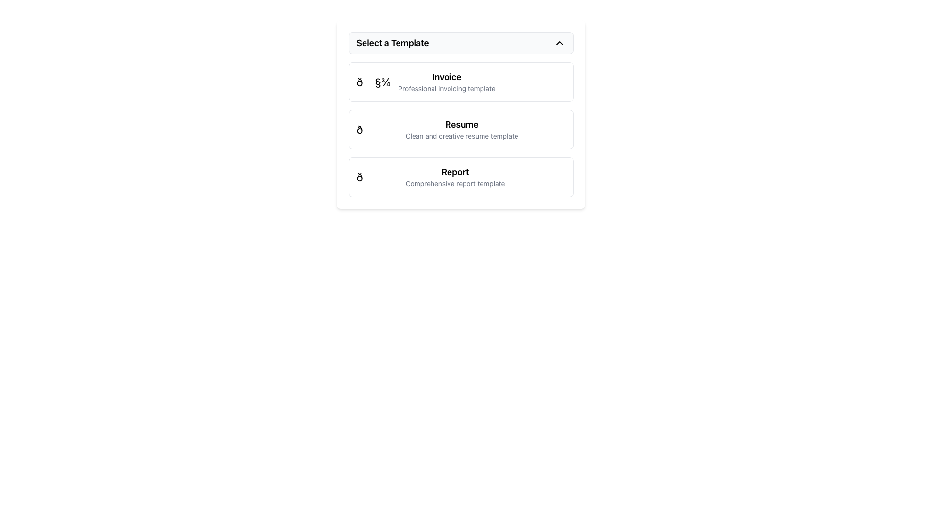 The width and height of the screenshot is (932, 524). Describe the element at coordinates (455, 171) in the screenshot. I see `the title text label for the 'Report' template card located at the top of the 'Select a Template' section` at that location.